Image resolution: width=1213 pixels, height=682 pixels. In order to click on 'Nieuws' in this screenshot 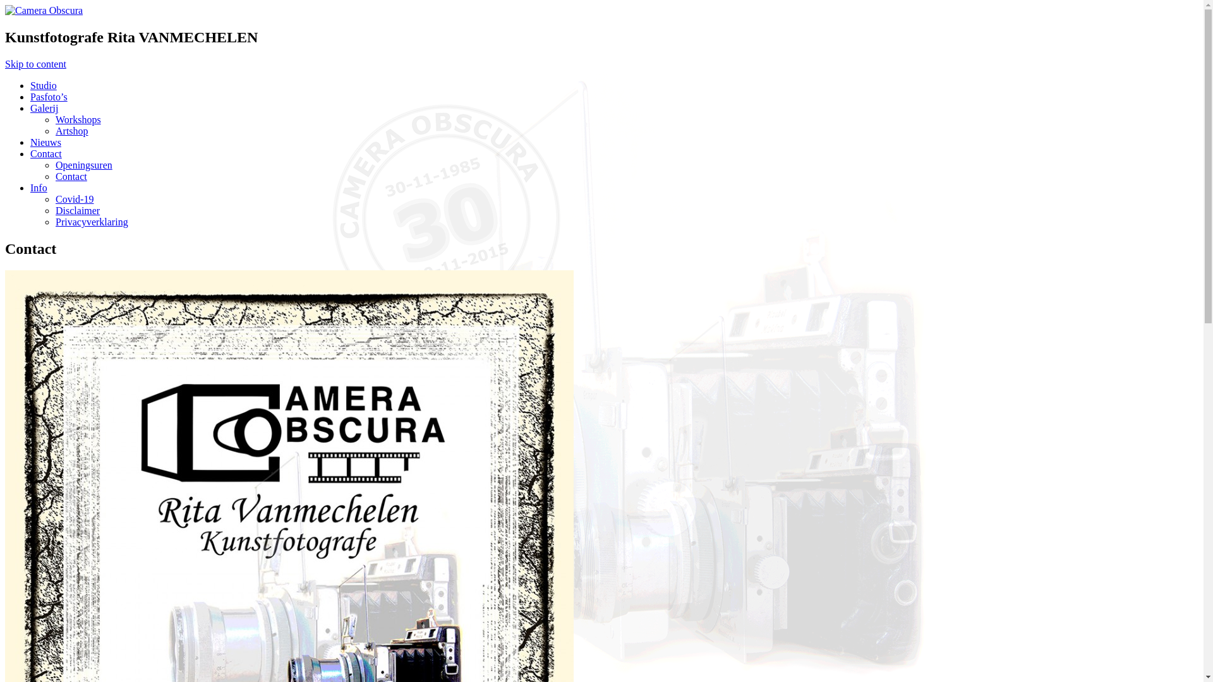, I will do `click(45, 142)`.